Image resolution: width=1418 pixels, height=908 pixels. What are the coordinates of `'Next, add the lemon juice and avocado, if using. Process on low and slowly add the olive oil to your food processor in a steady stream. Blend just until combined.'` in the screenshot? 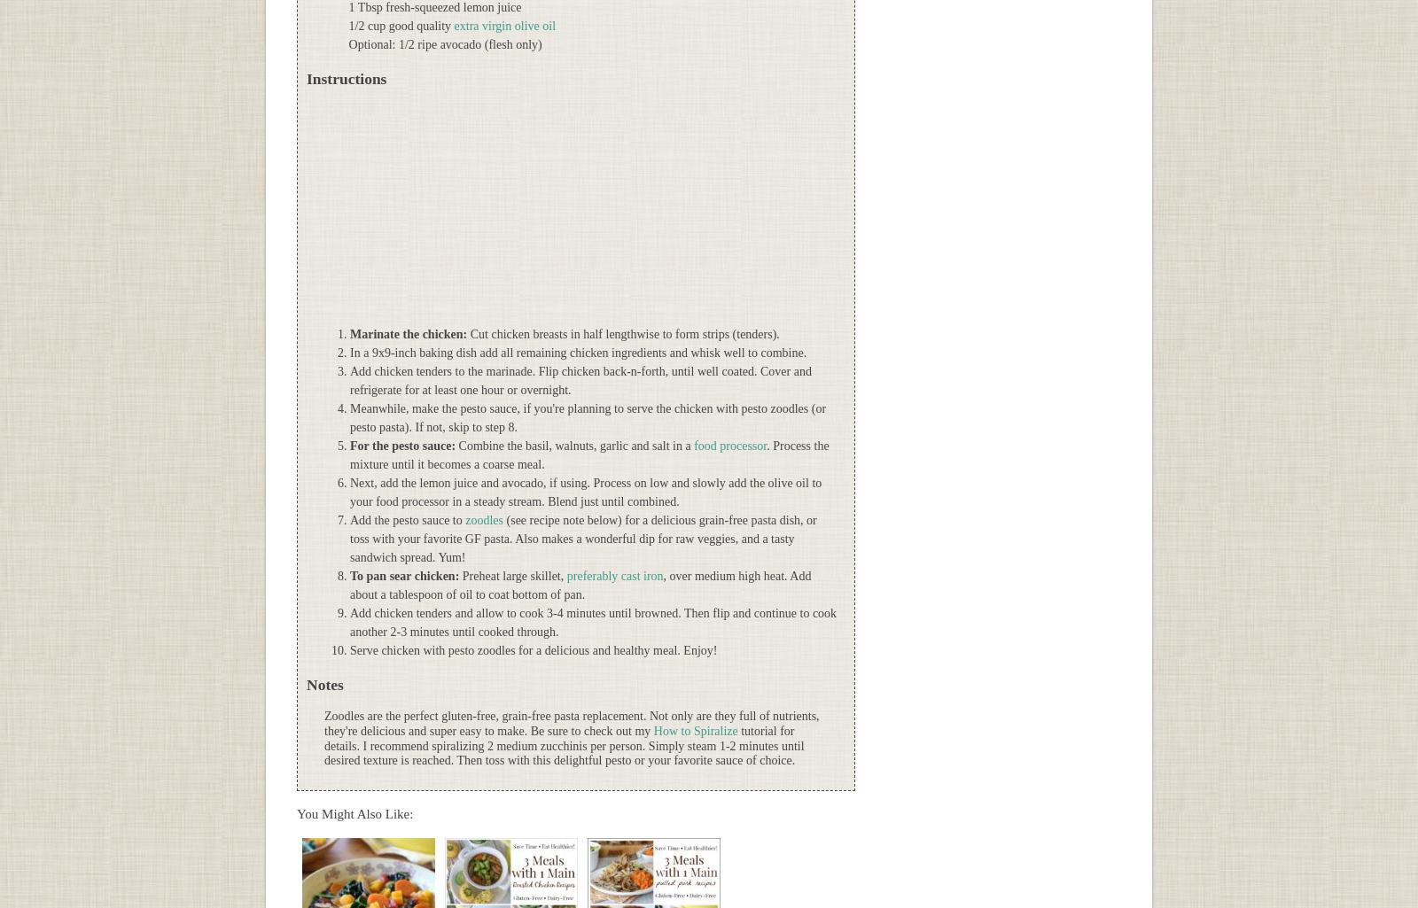 It's located at (585, 491).